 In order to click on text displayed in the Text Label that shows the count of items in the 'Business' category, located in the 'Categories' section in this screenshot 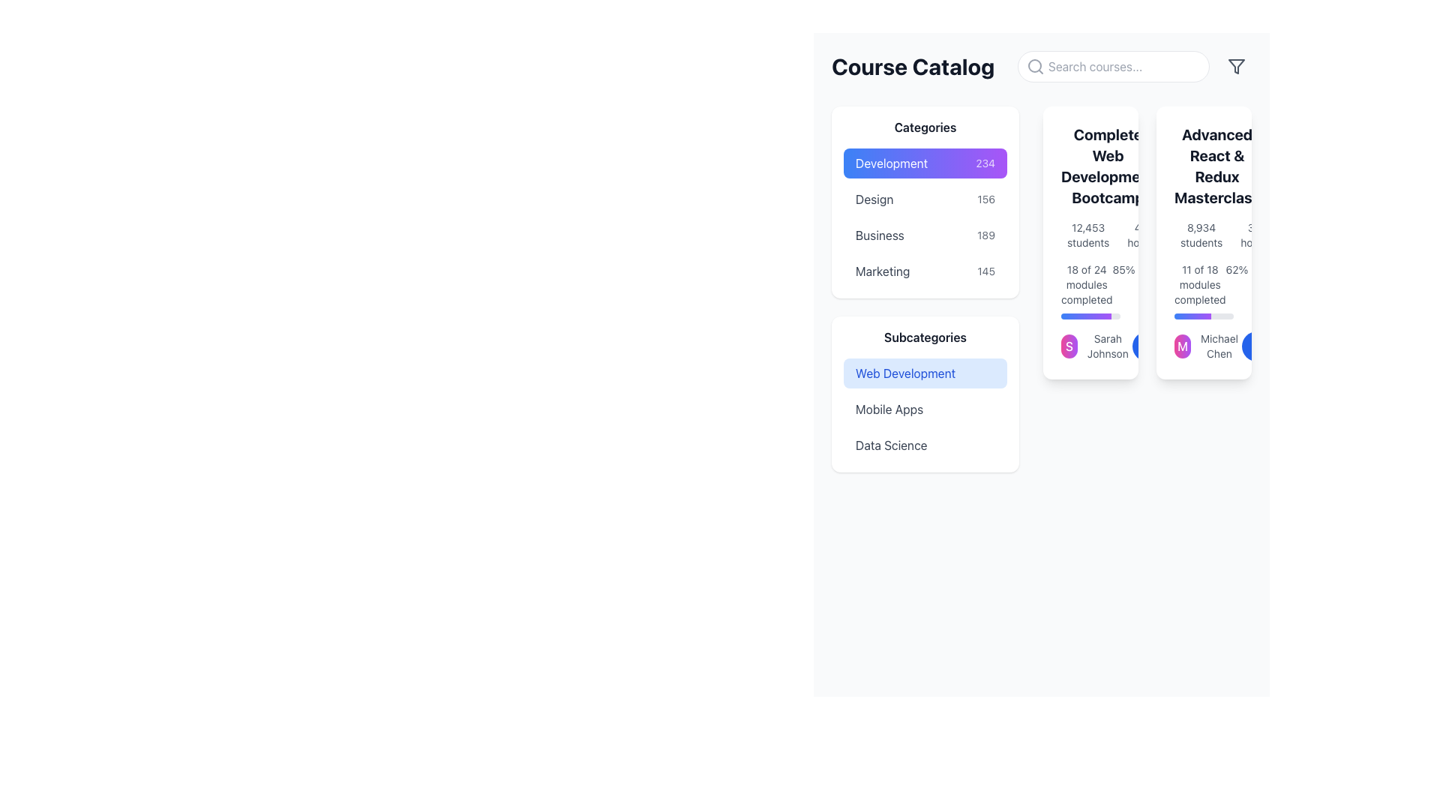, I will do `click(986, 235)`.